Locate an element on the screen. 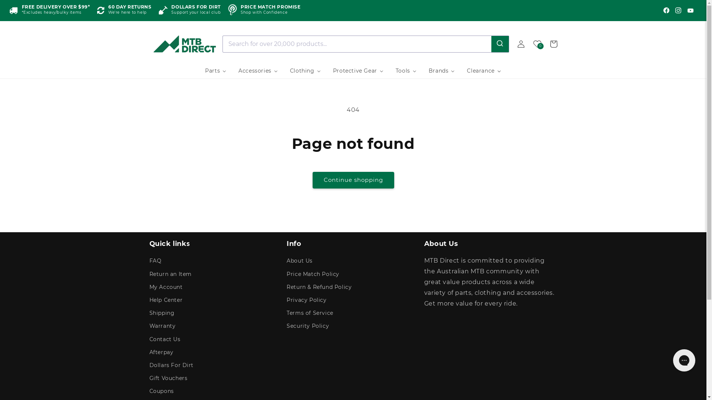 This screenshot has width=712, height=400. 'Find us on Instagram' is located at coordinates (678, 10).